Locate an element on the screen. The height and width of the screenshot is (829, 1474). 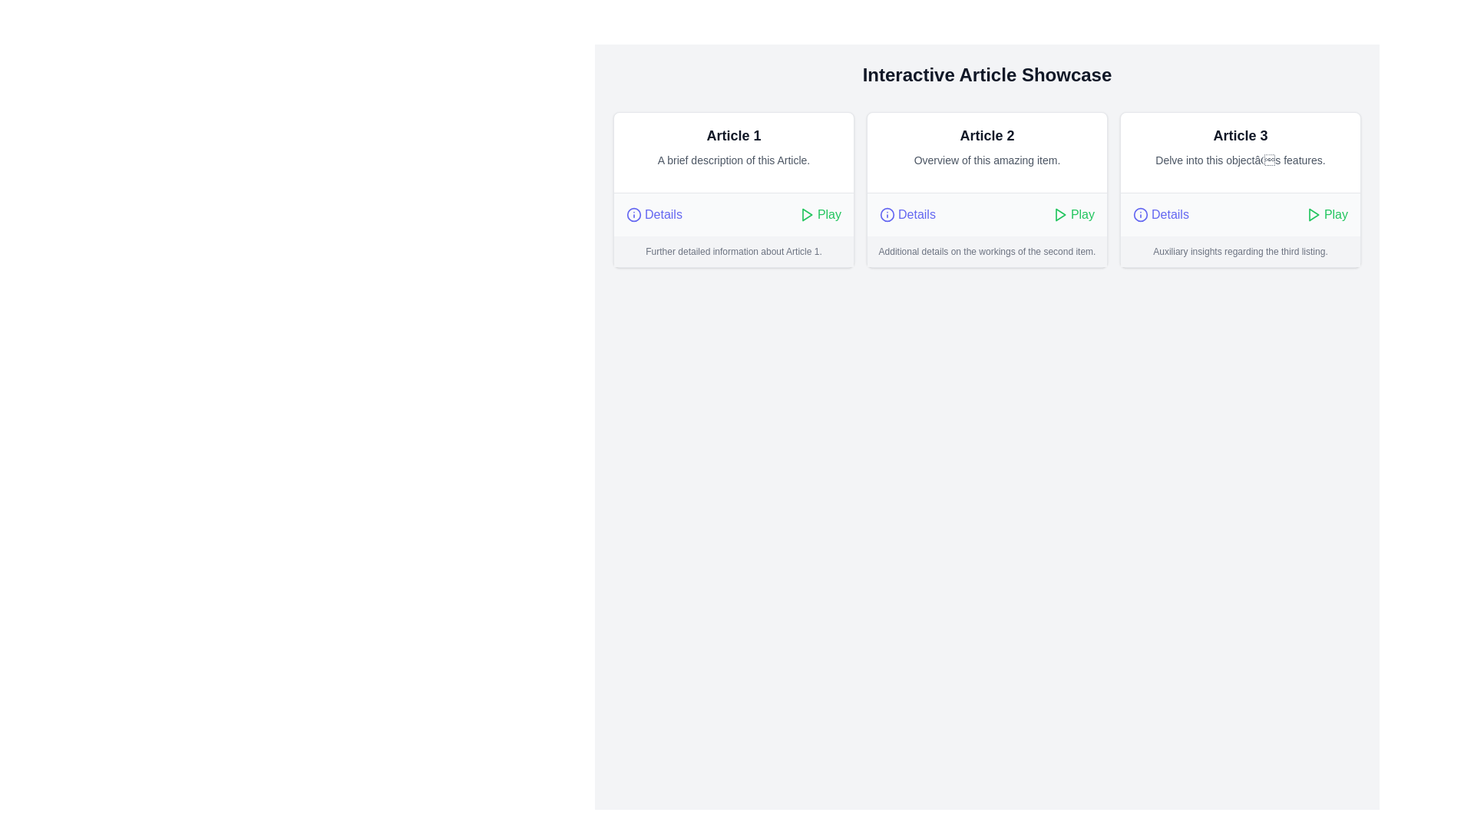
the static informational label that reads 'Further detailed information about Article 1.' located at the bottom of the article card 'Article 1' is located at coordinates (732, 250).